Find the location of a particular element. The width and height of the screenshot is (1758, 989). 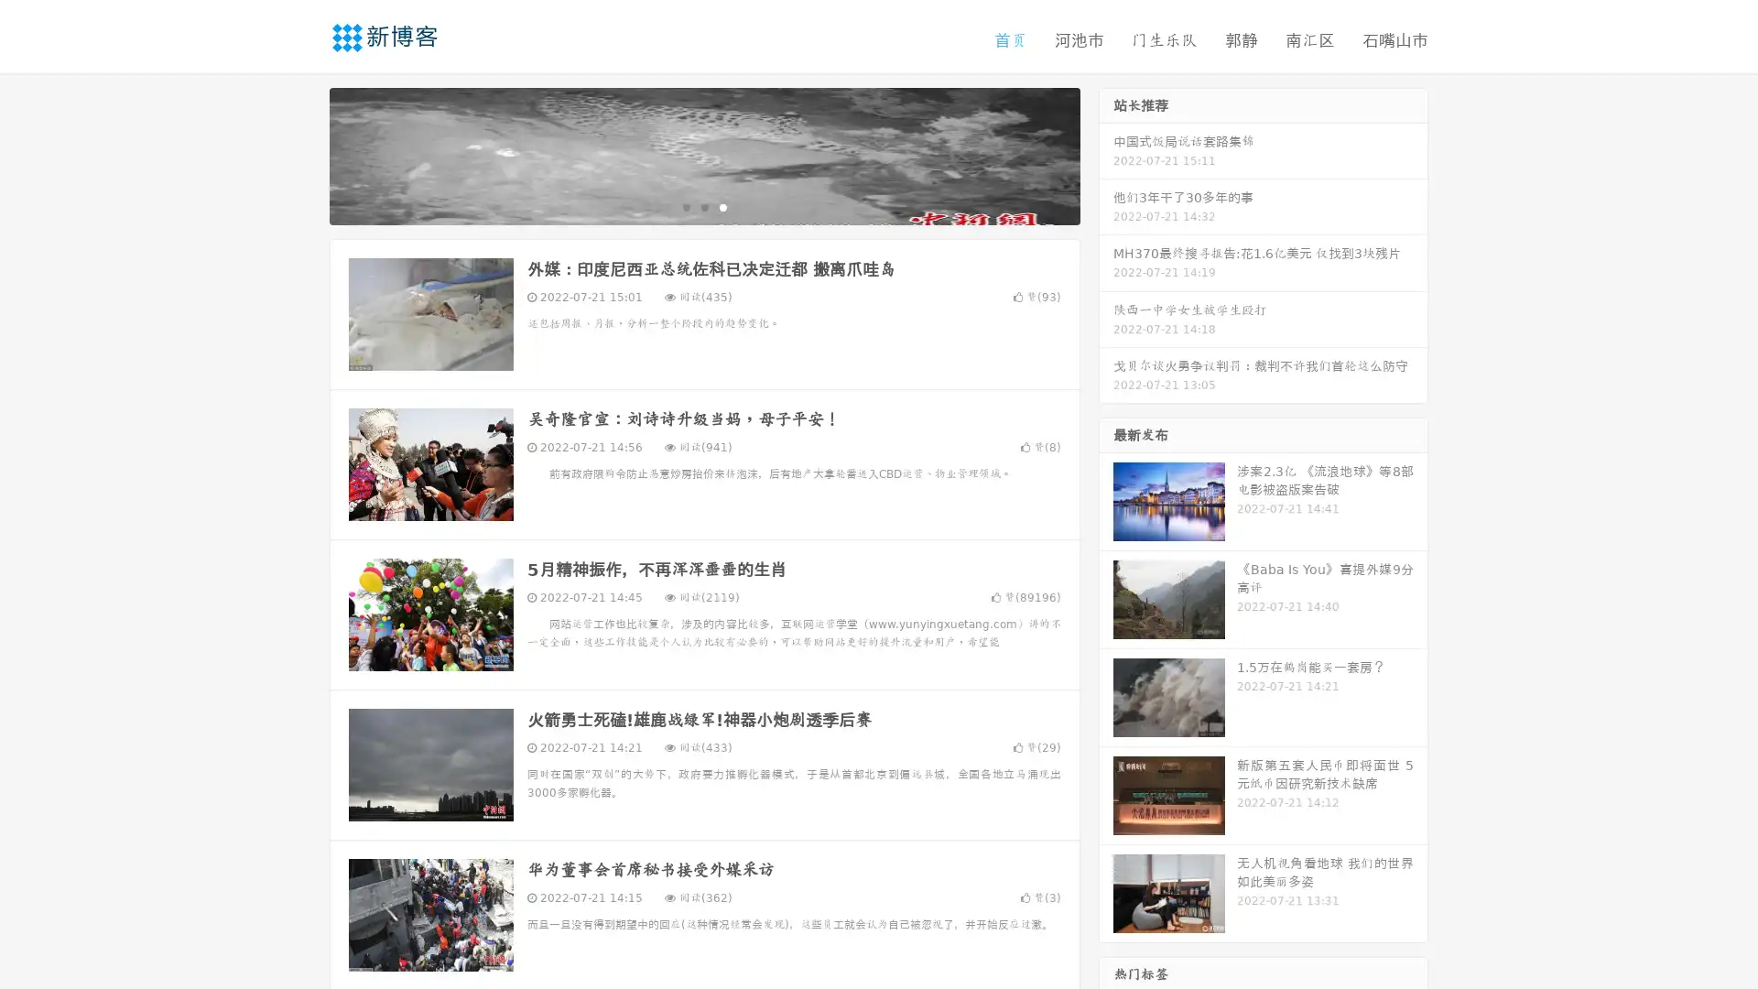

Next slide is located at coordinates (1106, 154).